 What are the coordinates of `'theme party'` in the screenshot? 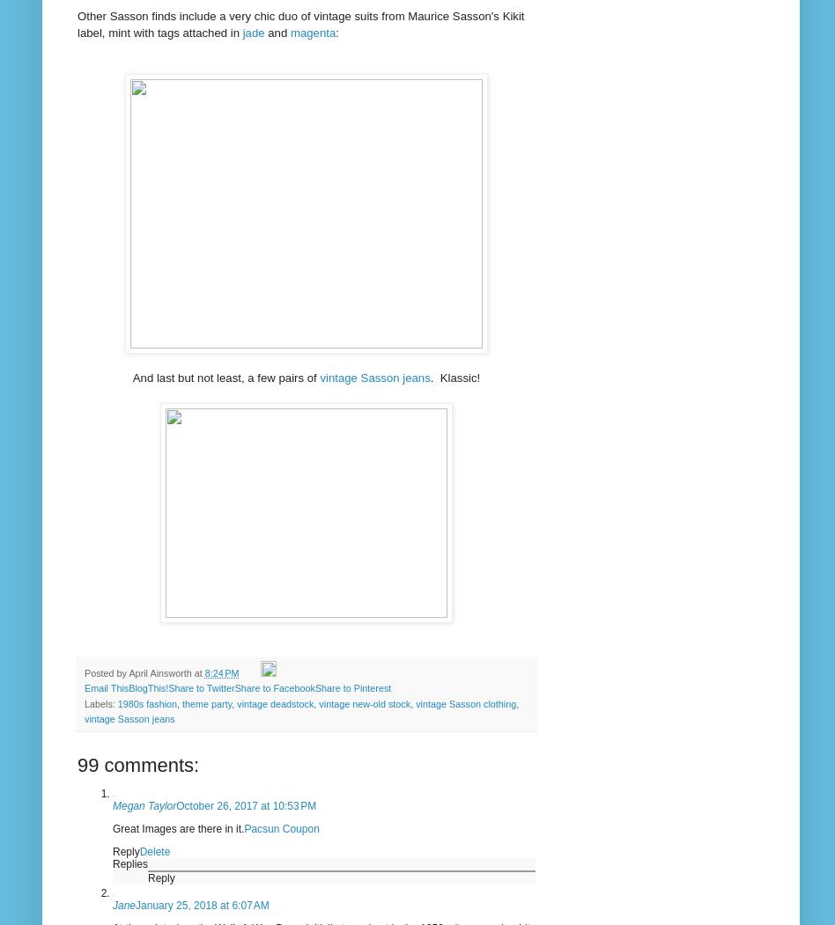 It's located at (181, 701).